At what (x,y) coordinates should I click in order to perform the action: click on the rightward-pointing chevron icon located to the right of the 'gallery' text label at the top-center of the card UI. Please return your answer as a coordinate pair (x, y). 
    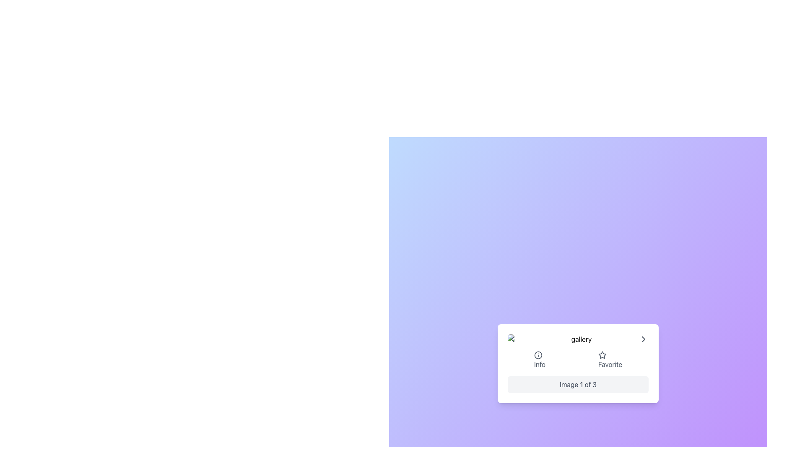
    Looking at the image, I should click on (643, 339).